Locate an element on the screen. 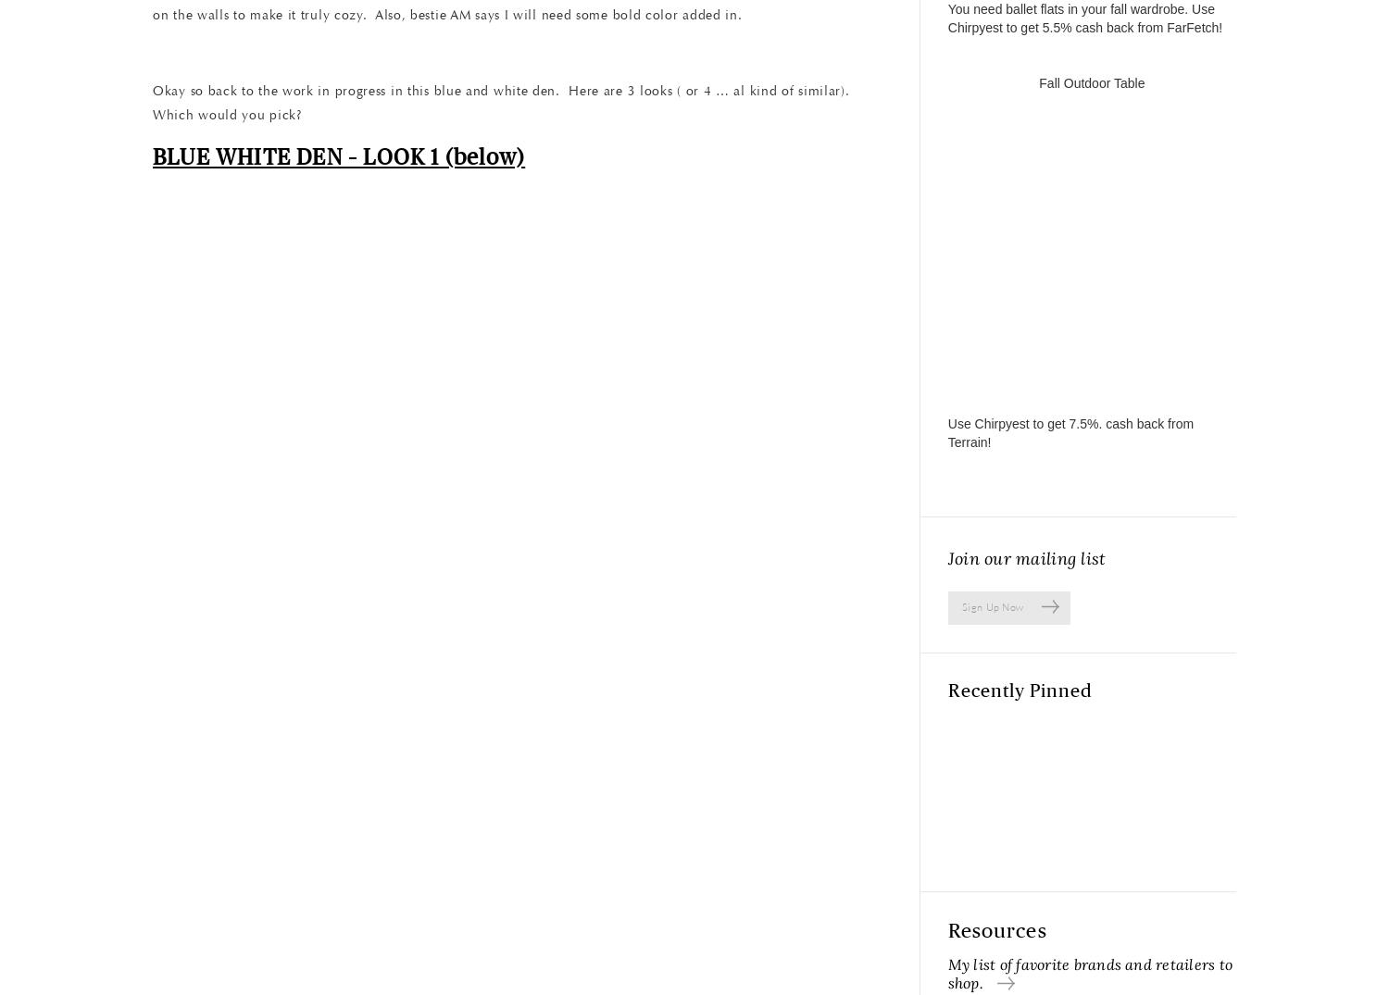  'My list of favorite brands and retailers to shop.' is located at coordinates (1090, 973).